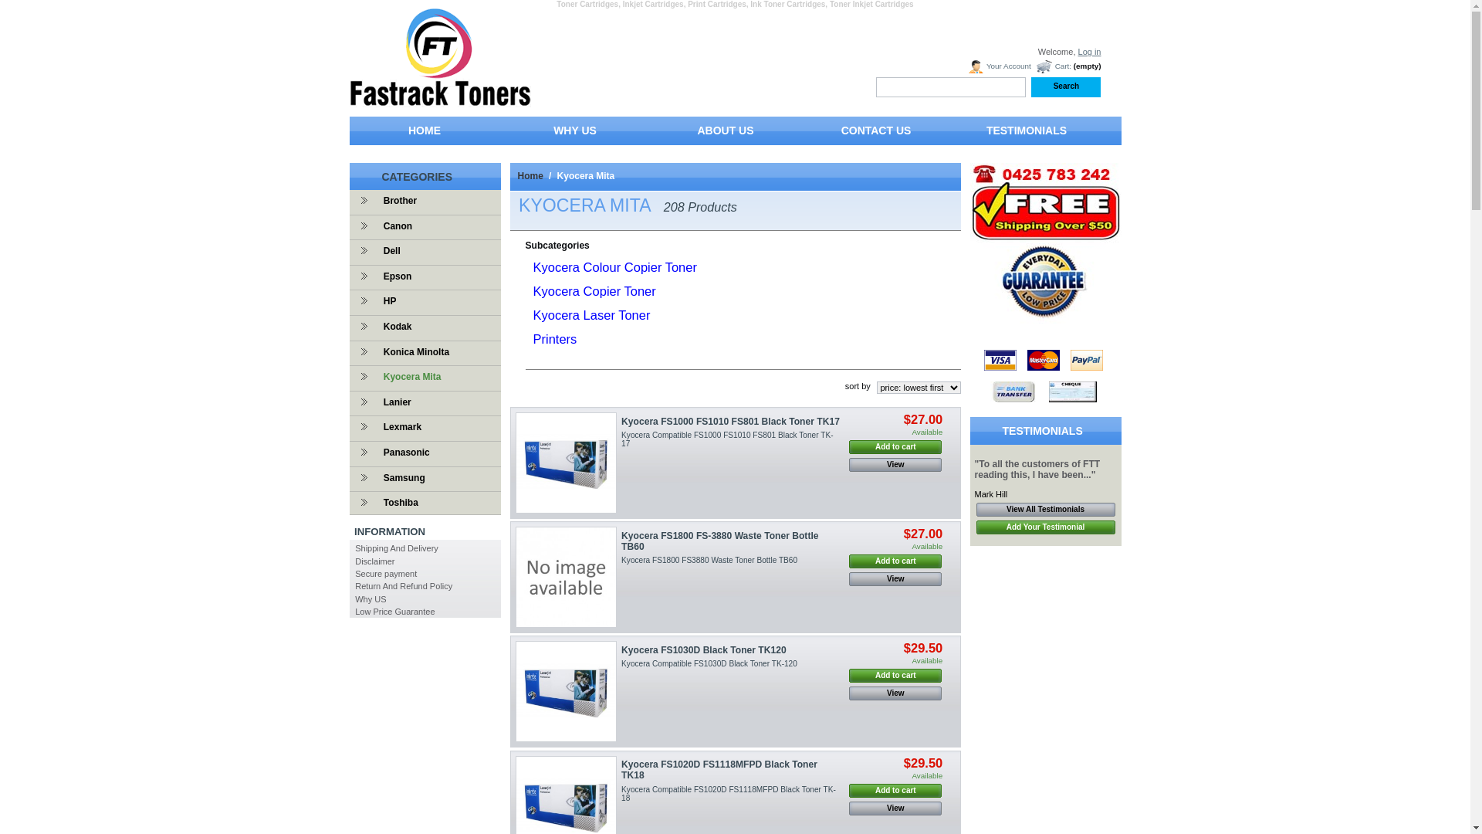 This screenshot has height=834, width=1482. I want to click on 'Panasonic', so click(375, 452).